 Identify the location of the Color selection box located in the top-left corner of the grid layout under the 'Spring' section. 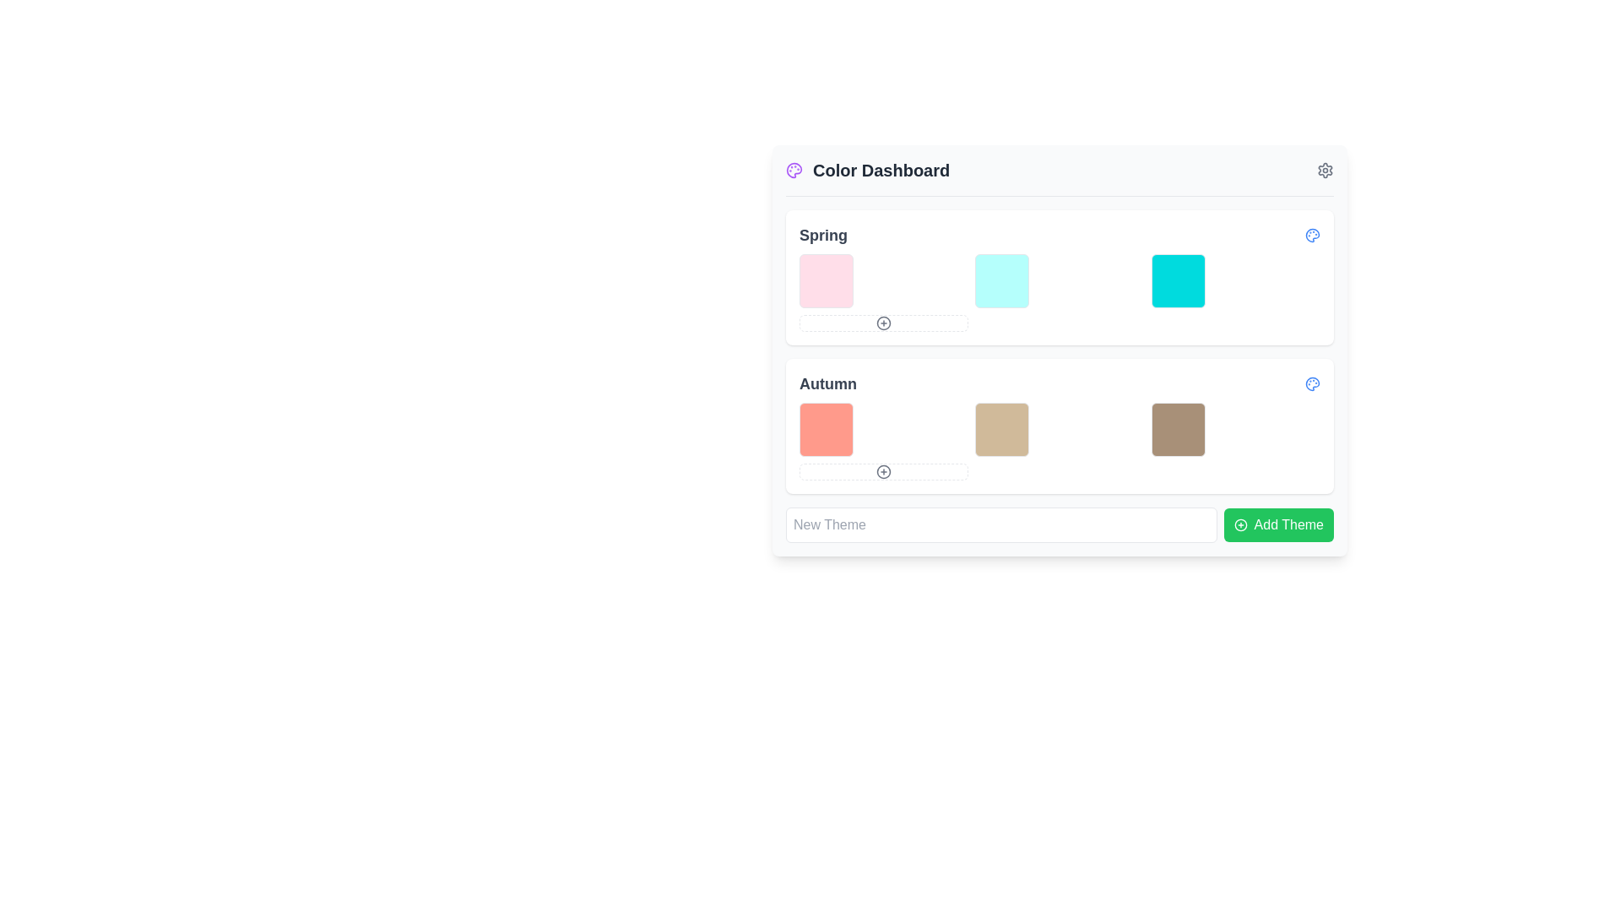
(827, 280).